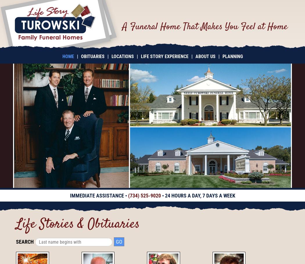  I want to click on 'About Us', so click(195, 56).